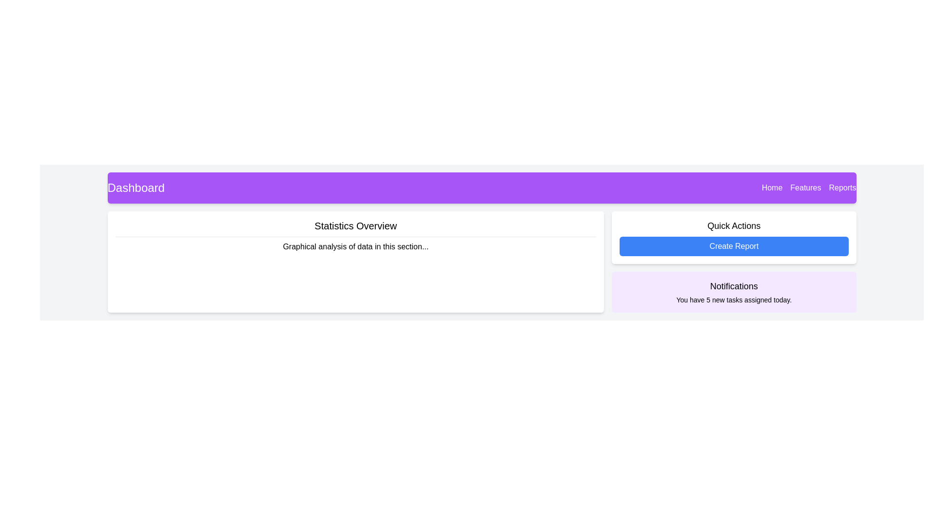 The image size is (936, 526). Describe the element at coordinates (734, 245) in the screenshot. I see `the 'Create Report' button located in the 'Quick Actions' section, which is the second button beneath the title 'Quick Actions'` at that location.